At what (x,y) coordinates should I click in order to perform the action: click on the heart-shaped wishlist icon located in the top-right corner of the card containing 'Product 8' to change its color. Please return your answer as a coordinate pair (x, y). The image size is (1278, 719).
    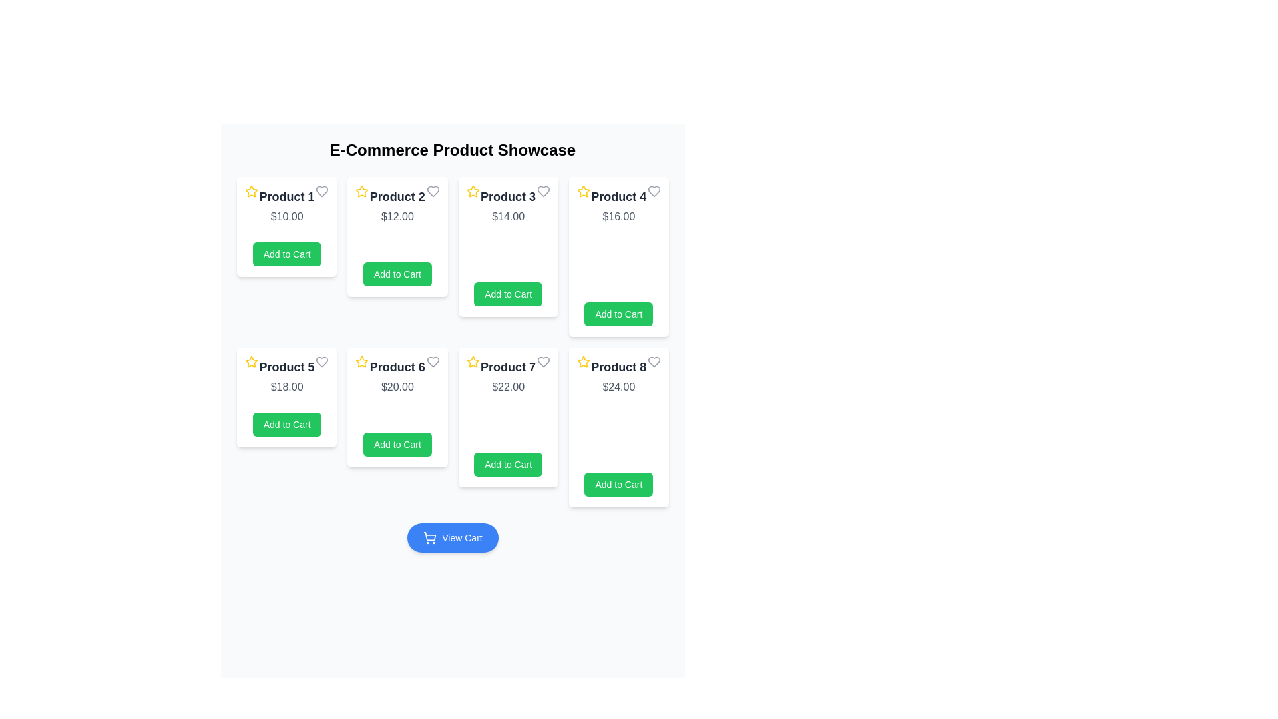
    Looking at the image, I should click on (654, 361).